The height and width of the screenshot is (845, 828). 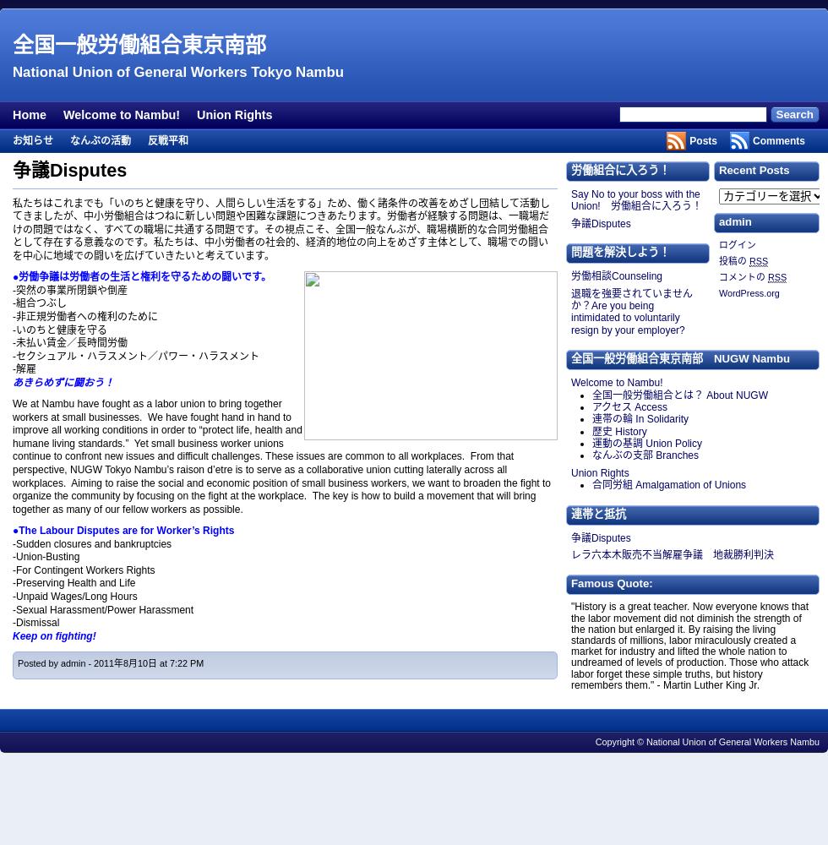 I want to click on '運動の基調 Union Policy', so click(x=591, y=444).